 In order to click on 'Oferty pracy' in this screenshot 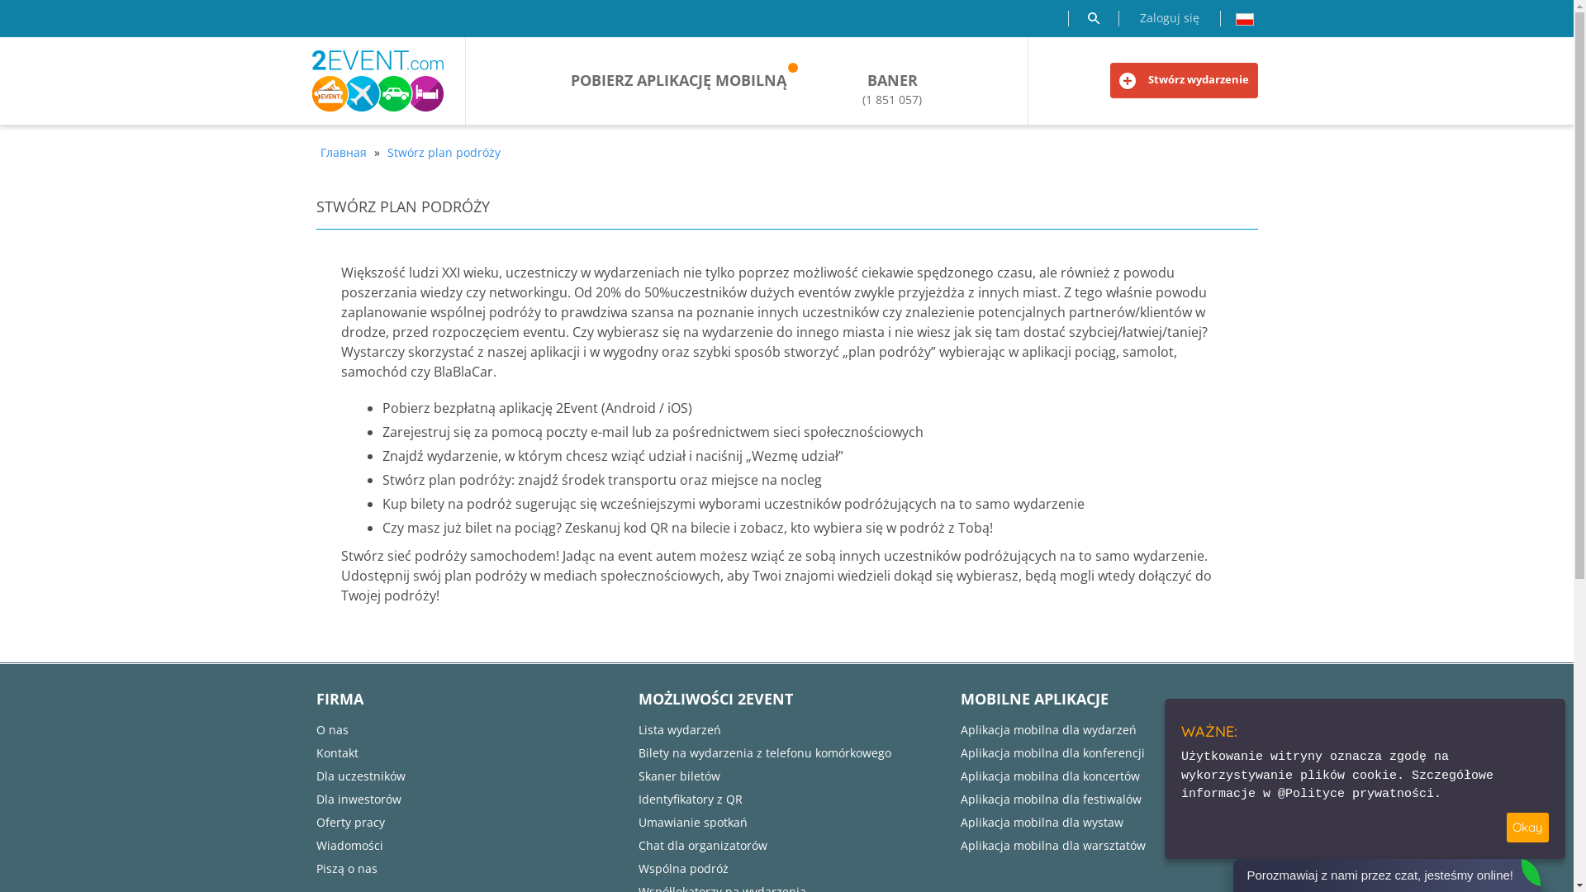, I will do `click(316, 822)`.